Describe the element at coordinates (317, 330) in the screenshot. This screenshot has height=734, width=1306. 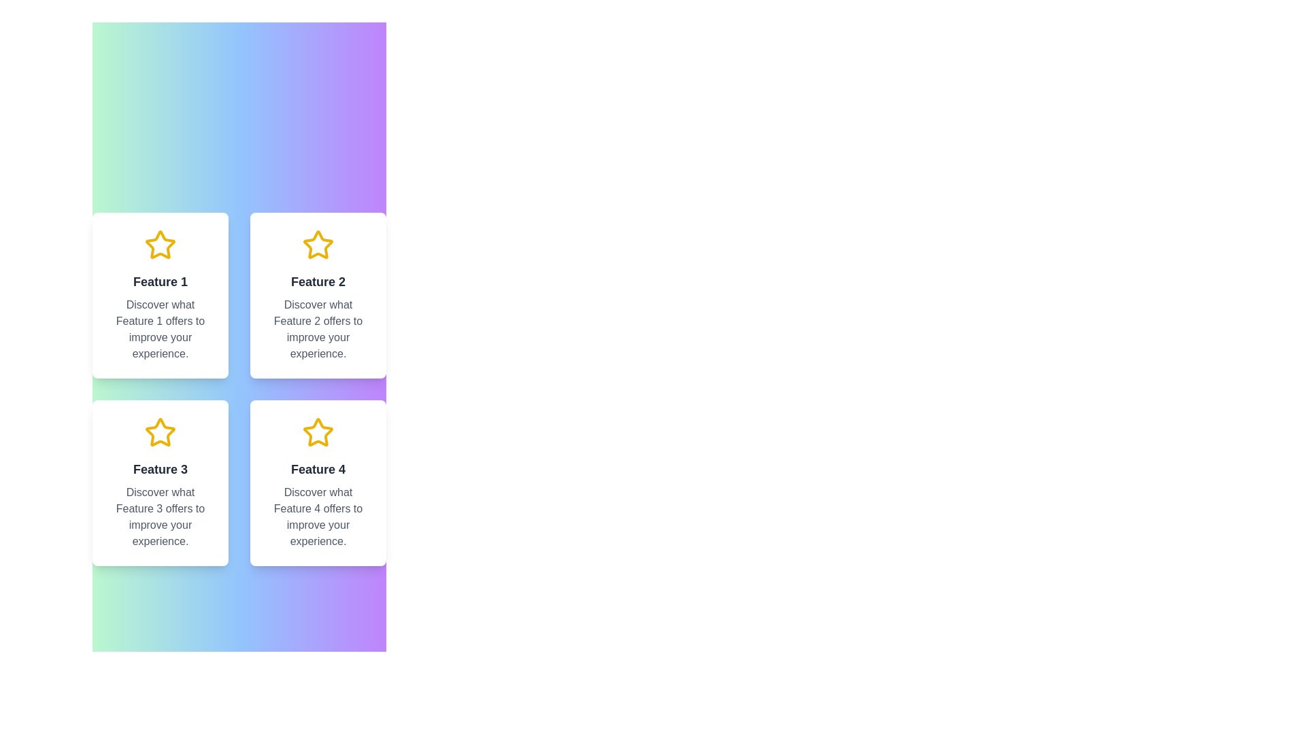
I see `explanatory text element located within the second card of a four-card layout, situated below the heading 'Feature 2'` at that location.